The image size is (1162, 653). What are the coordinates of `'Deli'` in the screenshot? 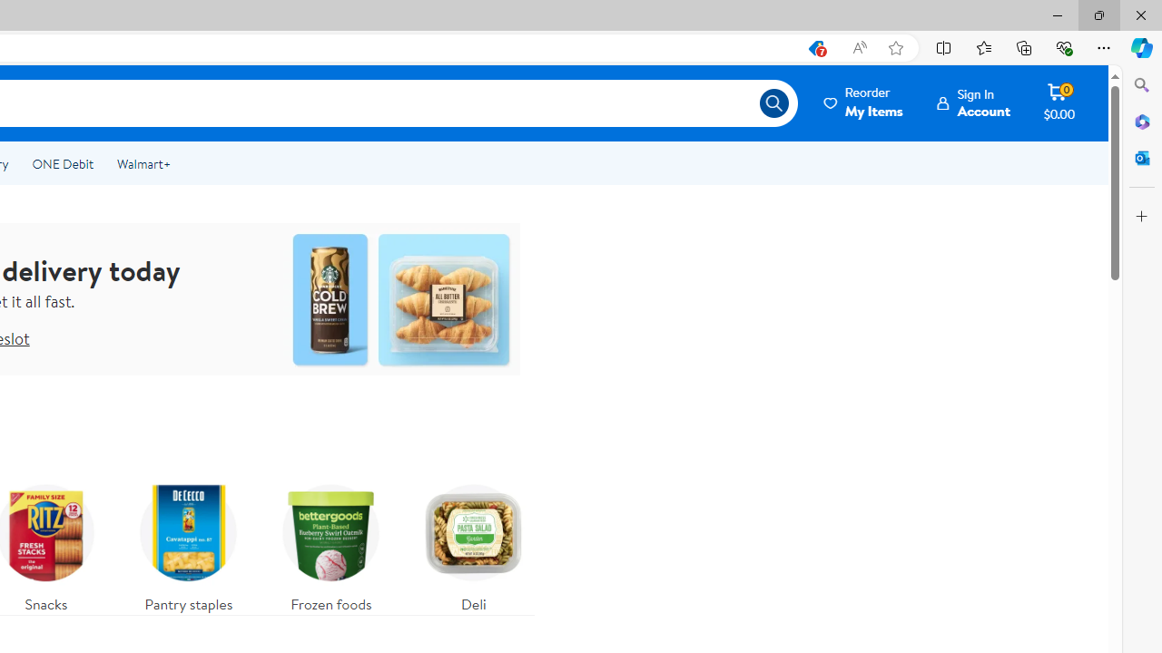 It's located at (474, 542).